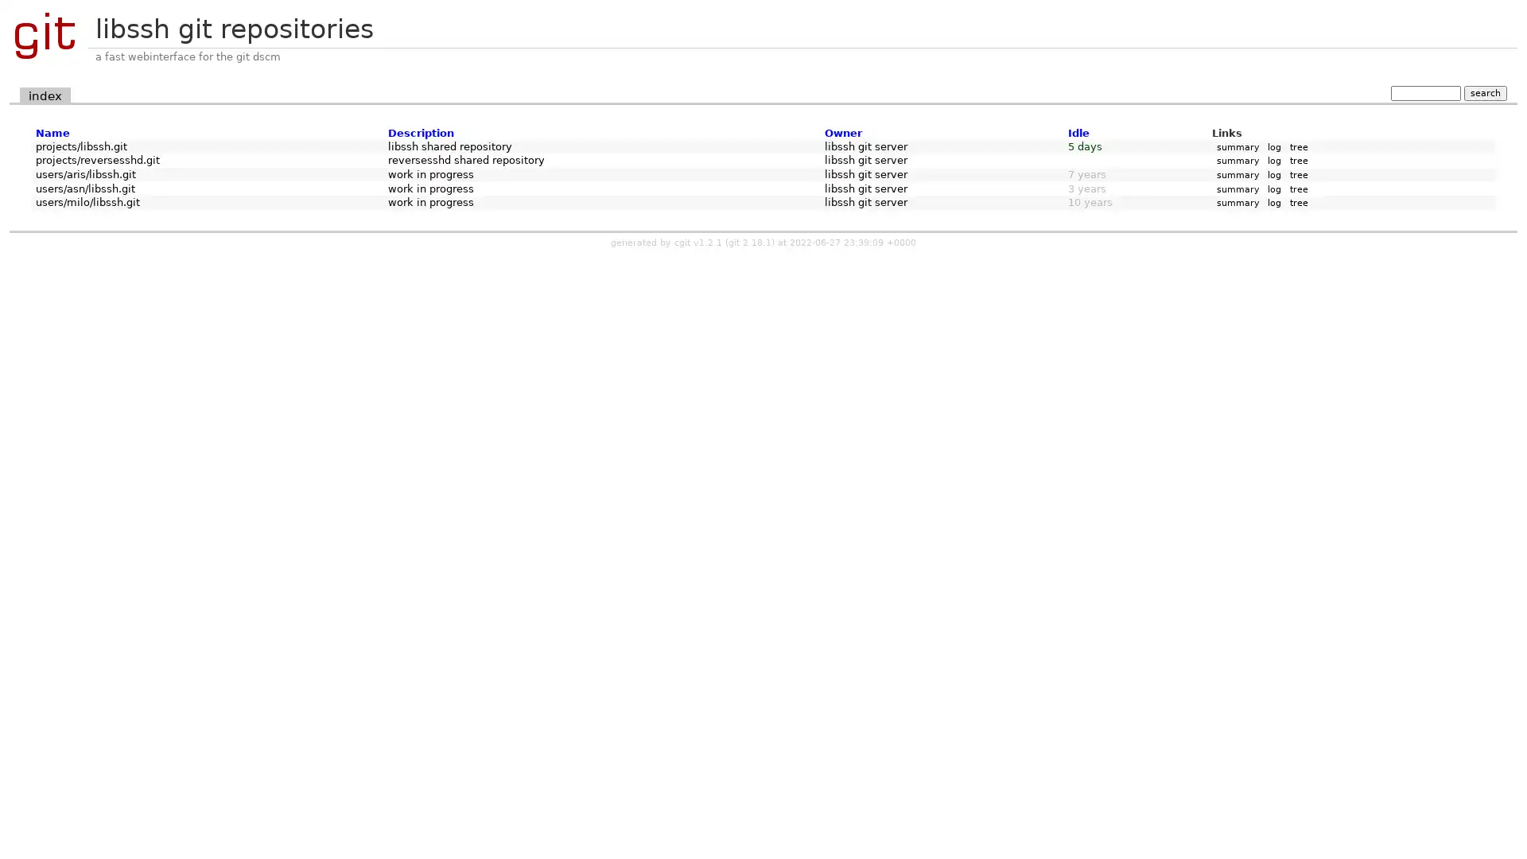 The width and height of the screenshot is (1527, 859). I want to click on search, so click(1484, 92).